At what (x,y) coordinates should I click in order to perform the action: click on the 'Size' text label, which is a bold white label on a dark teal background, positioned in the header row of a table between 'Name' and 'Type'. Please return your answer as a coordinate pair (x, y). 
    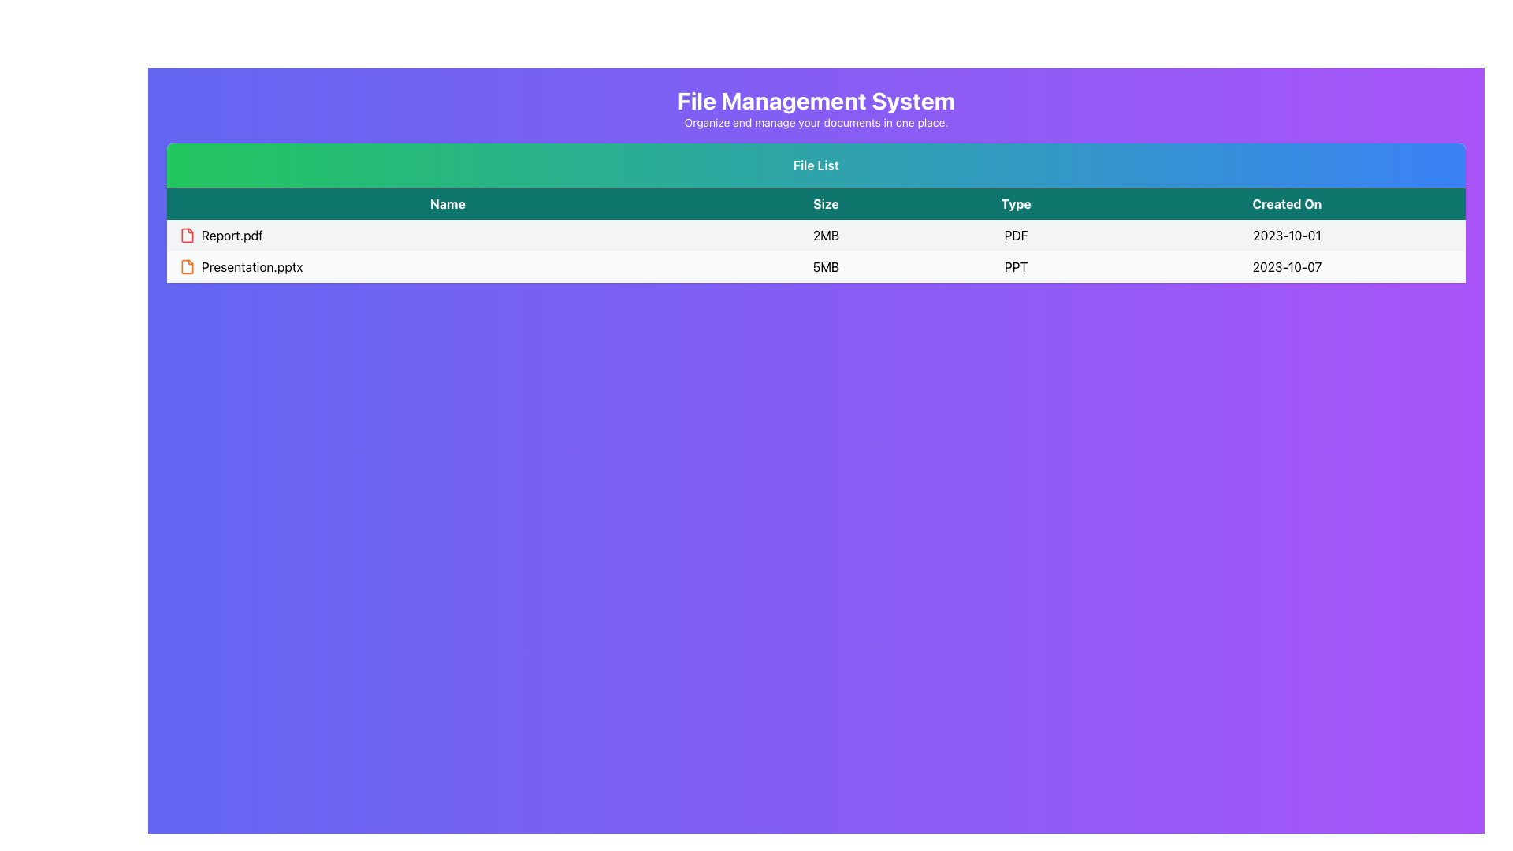
    Looking at the image, I should click on (825, 203).